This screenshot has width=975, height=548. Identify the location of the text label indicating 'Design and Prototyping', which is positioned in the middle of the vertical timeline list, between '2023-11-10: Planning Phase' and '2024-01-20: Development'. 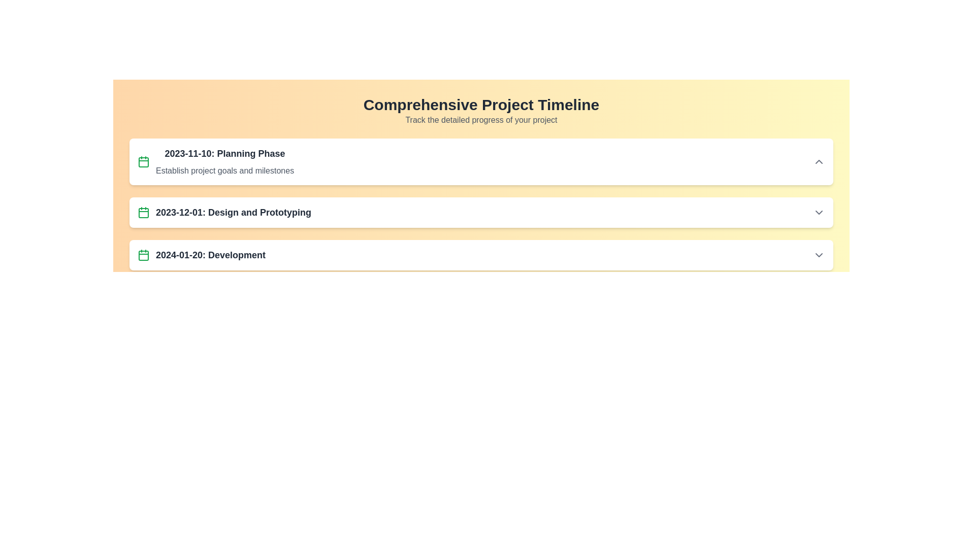
(233, 212).